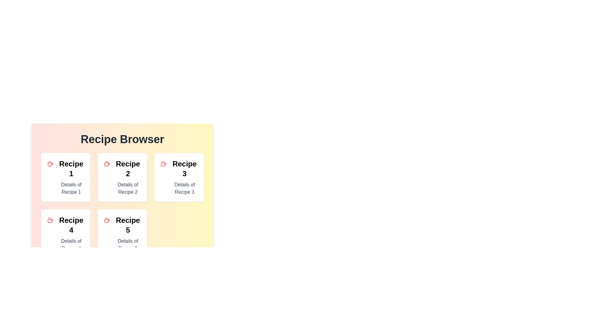 Image resolution: width=589 pixels, height=331 pixels. I want to click on the text display element for 'Recipe 1' in the recipe browser, which provides a title and details about the recipe, so click(71, 177).